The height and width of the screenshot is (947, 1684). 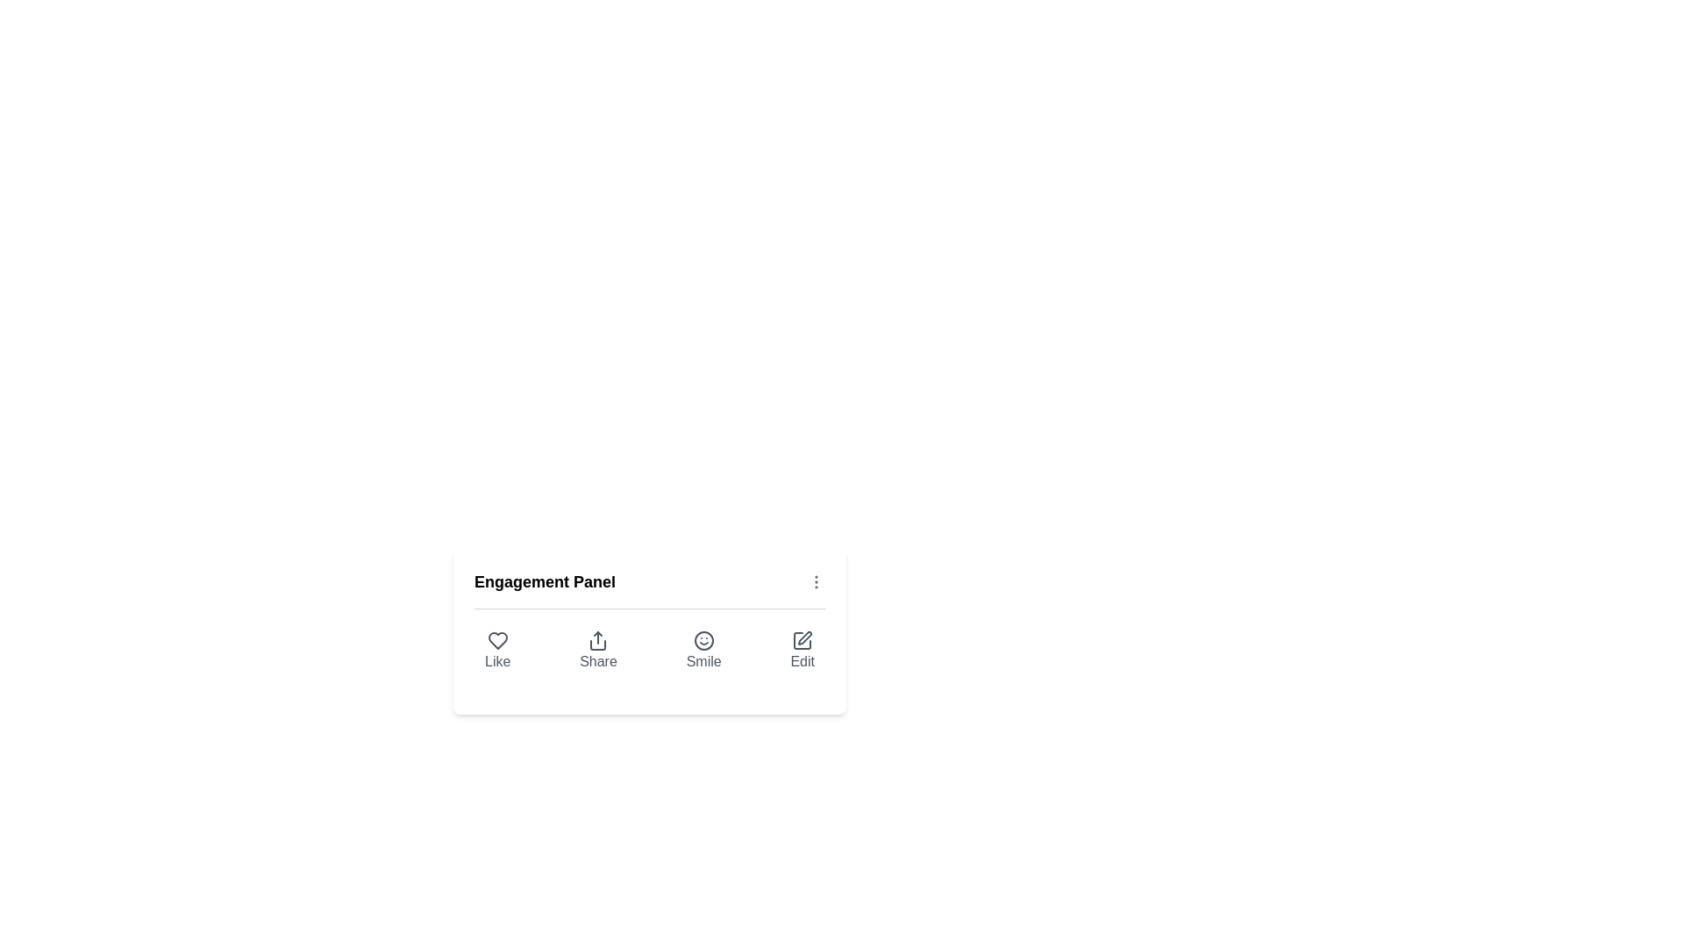 I want to click on the share button with text and icon located in the bottom section of the Engagement Panel to initiate content sharing, so click(x=598, y=662).